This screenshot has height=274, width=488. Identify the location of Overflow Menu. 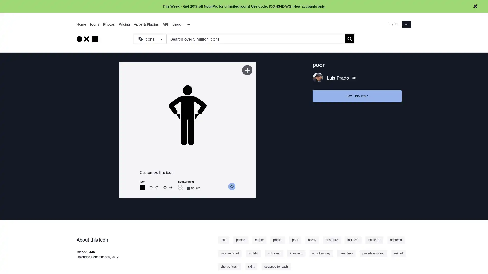
(188, 24).